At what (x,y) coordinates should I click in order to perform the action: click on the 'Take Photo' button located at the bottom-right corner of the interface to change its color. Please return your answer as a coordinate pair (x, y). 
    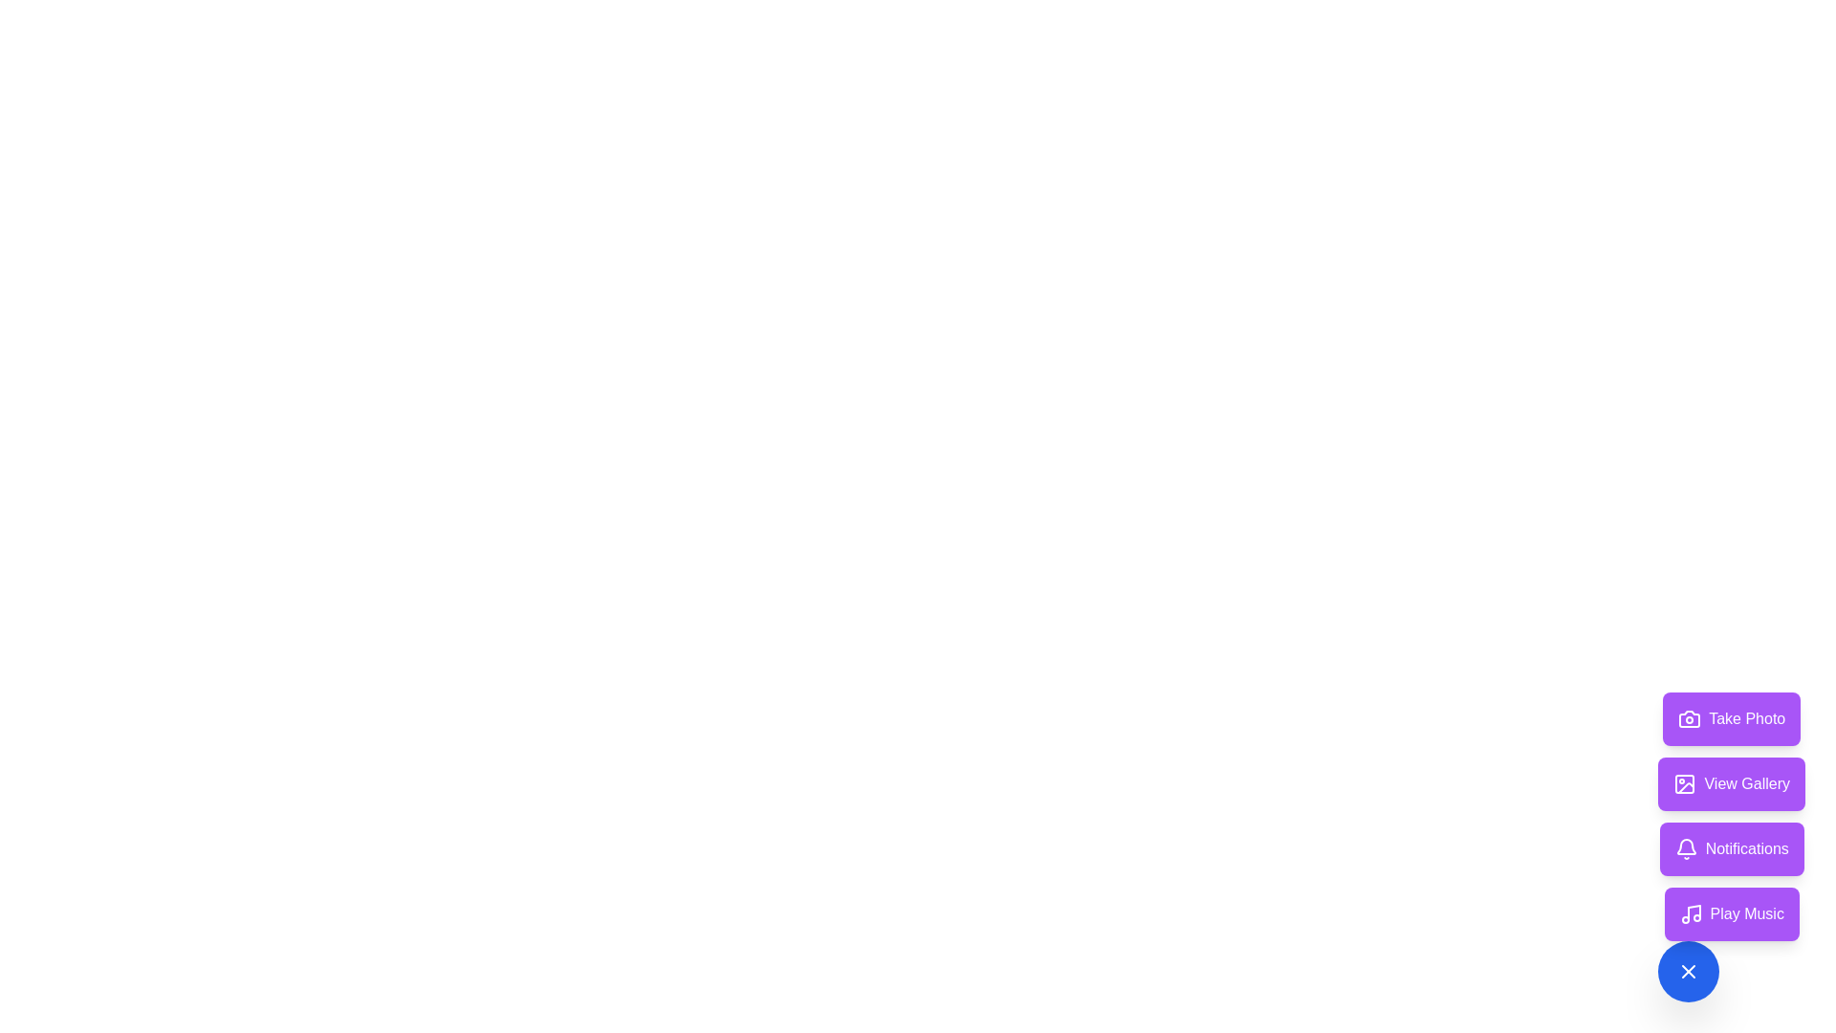
    Looking at the image, I should click on (1732, 719).